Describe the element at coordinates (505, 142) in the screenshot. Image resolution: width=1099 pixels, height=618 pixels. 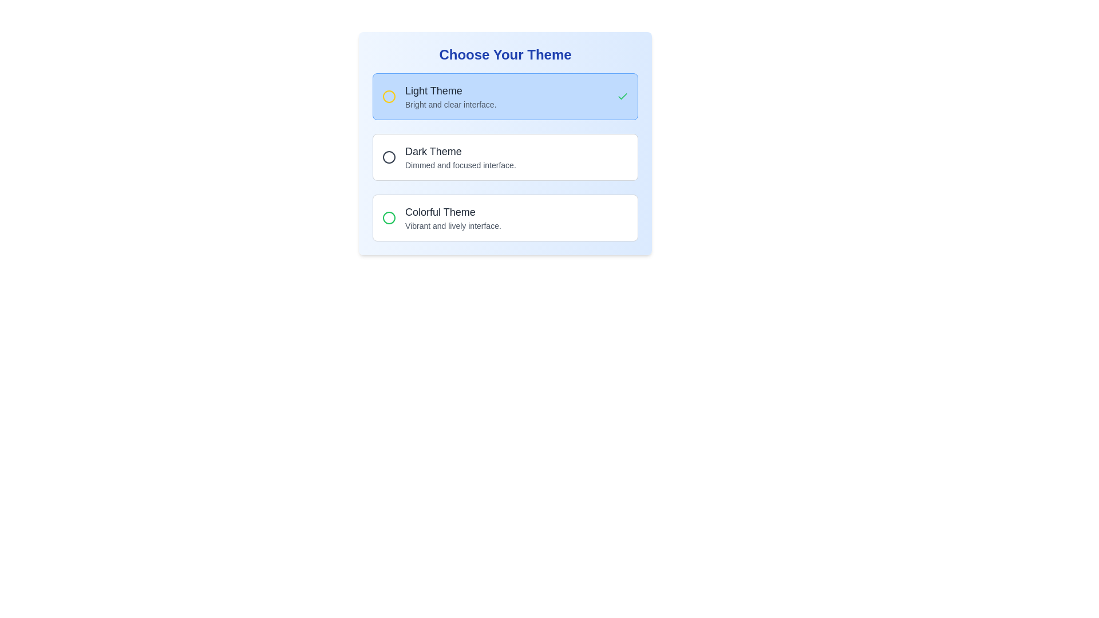
I see `the selectable card option for the 'Dark Theme' located in the vertical list of theme options` at that location.